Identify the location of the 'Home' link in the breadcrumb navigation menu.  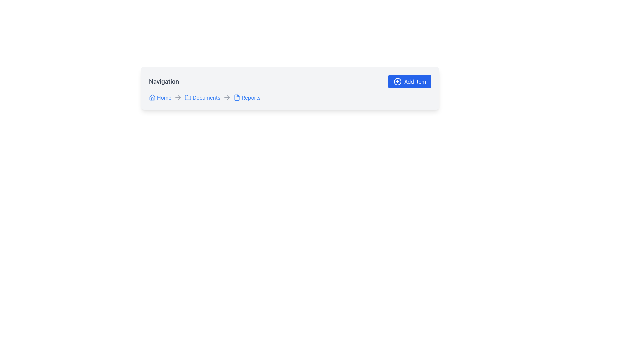
(160, 97).